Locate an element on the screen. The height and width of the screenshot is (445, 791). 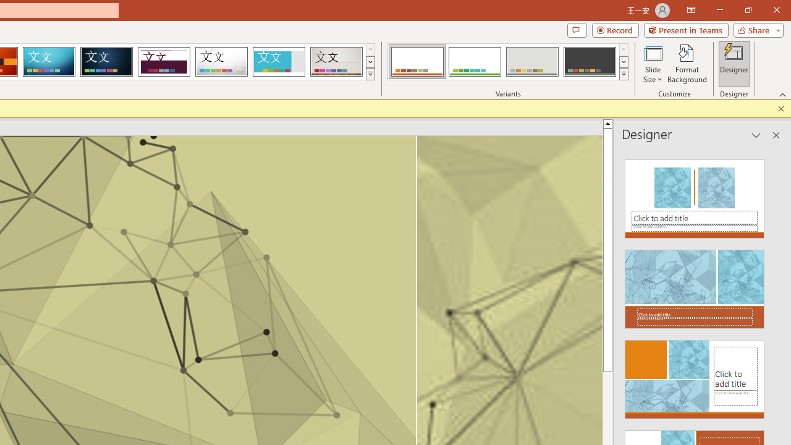
'Design Idea' is located at coordinates (695, 375).